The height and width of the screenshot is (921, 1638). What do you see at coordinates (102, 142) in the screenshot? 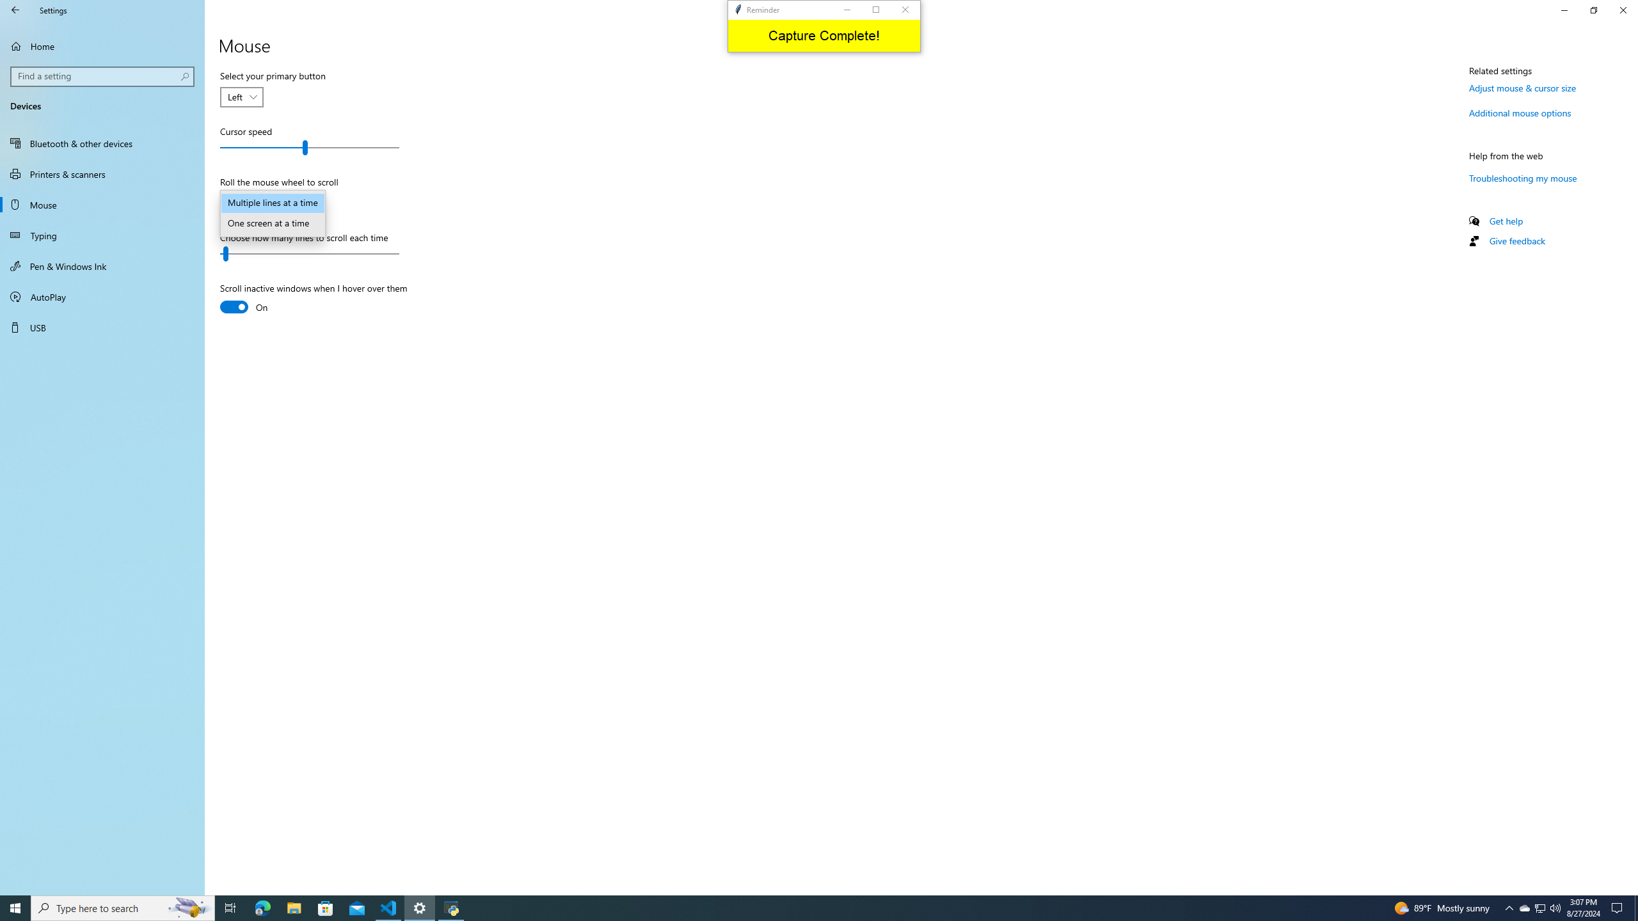
I see `'Bluetooth & other devices'` at bounding box center [102, 142].